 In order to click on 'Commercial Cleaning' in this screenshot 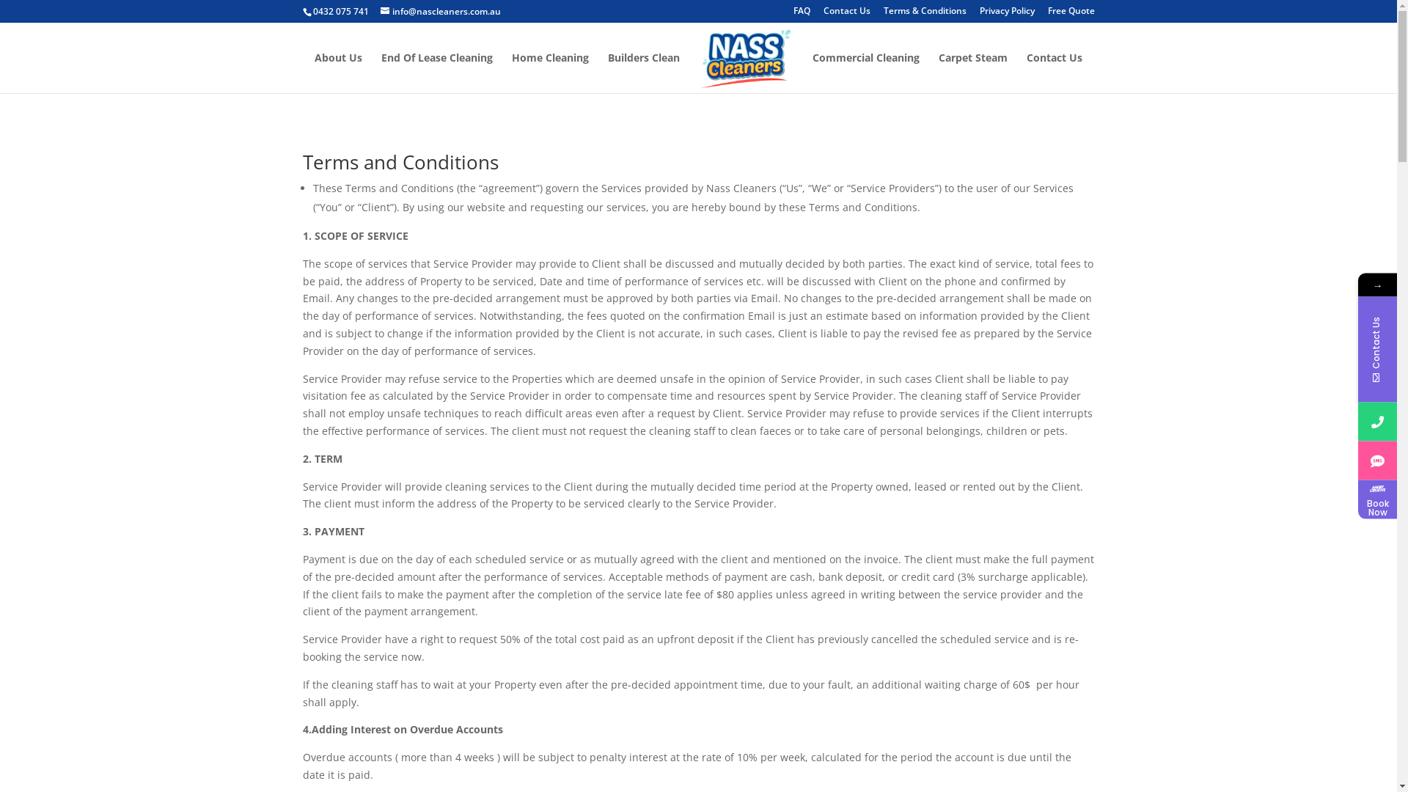, I will do `click(865, 73)`.